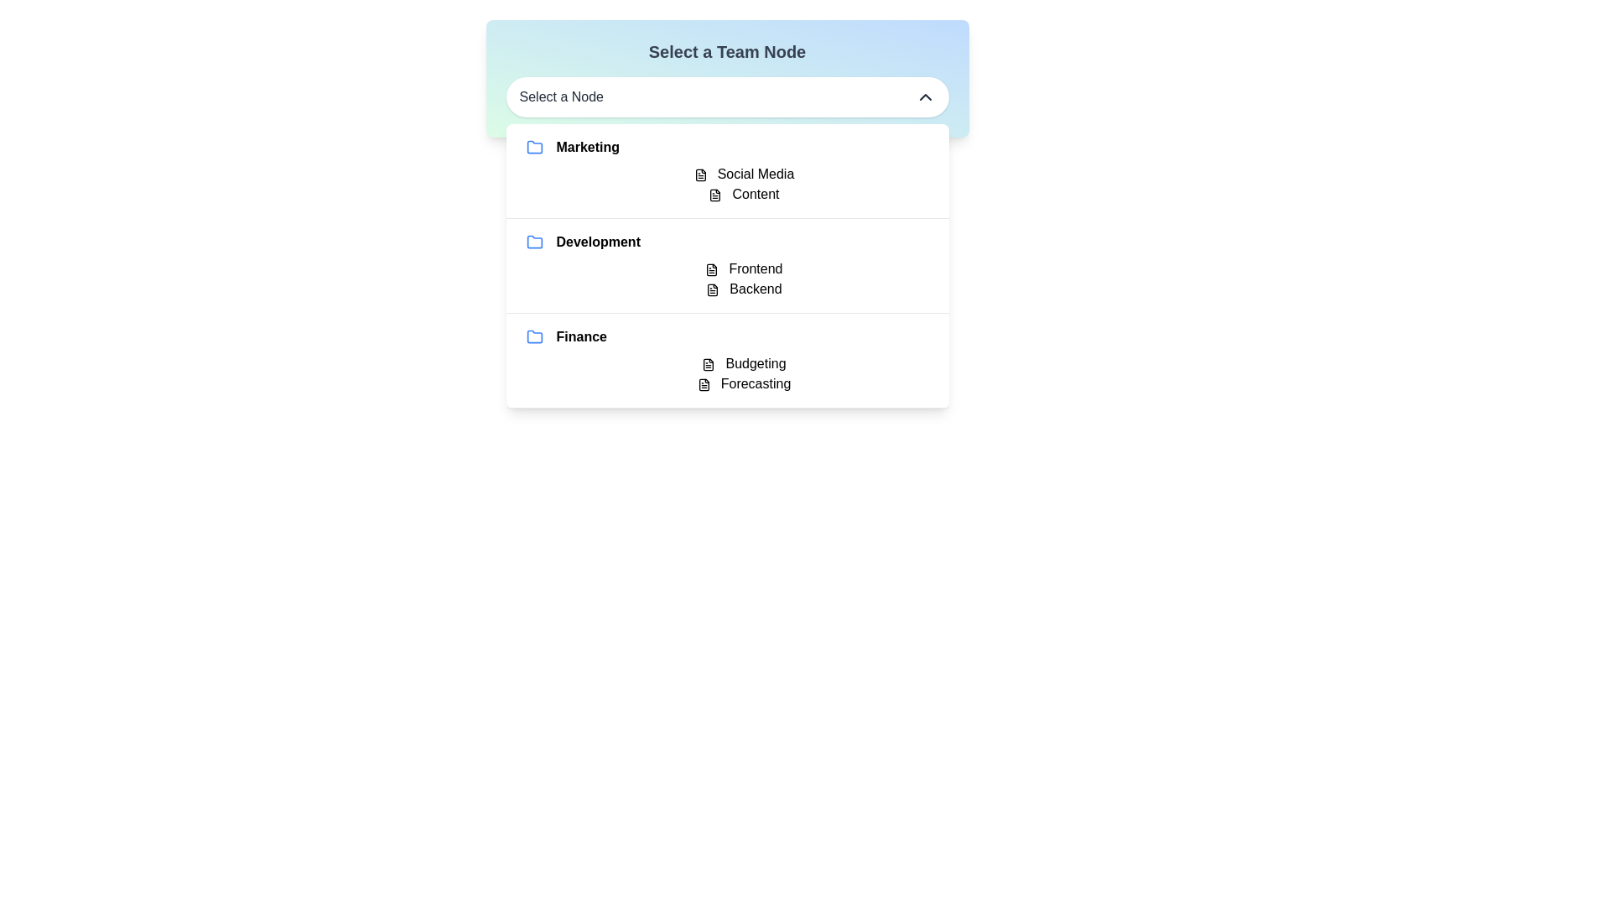 The width and height of the screenshot is (1610, 906). I want to click on the clickable text label with an icon related to 'Budgeting', which is the first item in the 'Finance' section of the dropdown menu, positioned above 'Forecasting', so click(743, 363).